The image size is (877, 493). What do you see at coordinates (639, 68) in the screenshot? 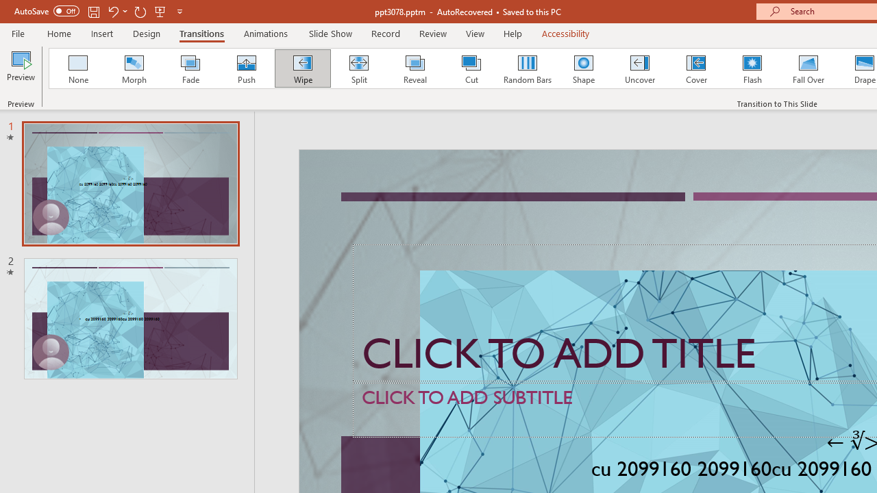
I see `'Uncover'` at bounding box center [639, 68].